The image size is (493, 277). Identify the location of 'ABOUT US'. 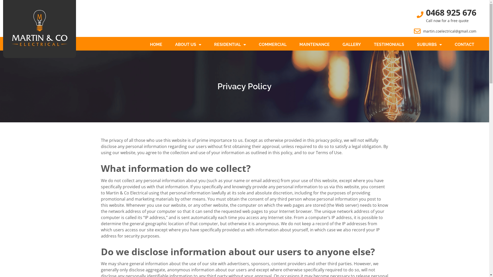
(188, 44).